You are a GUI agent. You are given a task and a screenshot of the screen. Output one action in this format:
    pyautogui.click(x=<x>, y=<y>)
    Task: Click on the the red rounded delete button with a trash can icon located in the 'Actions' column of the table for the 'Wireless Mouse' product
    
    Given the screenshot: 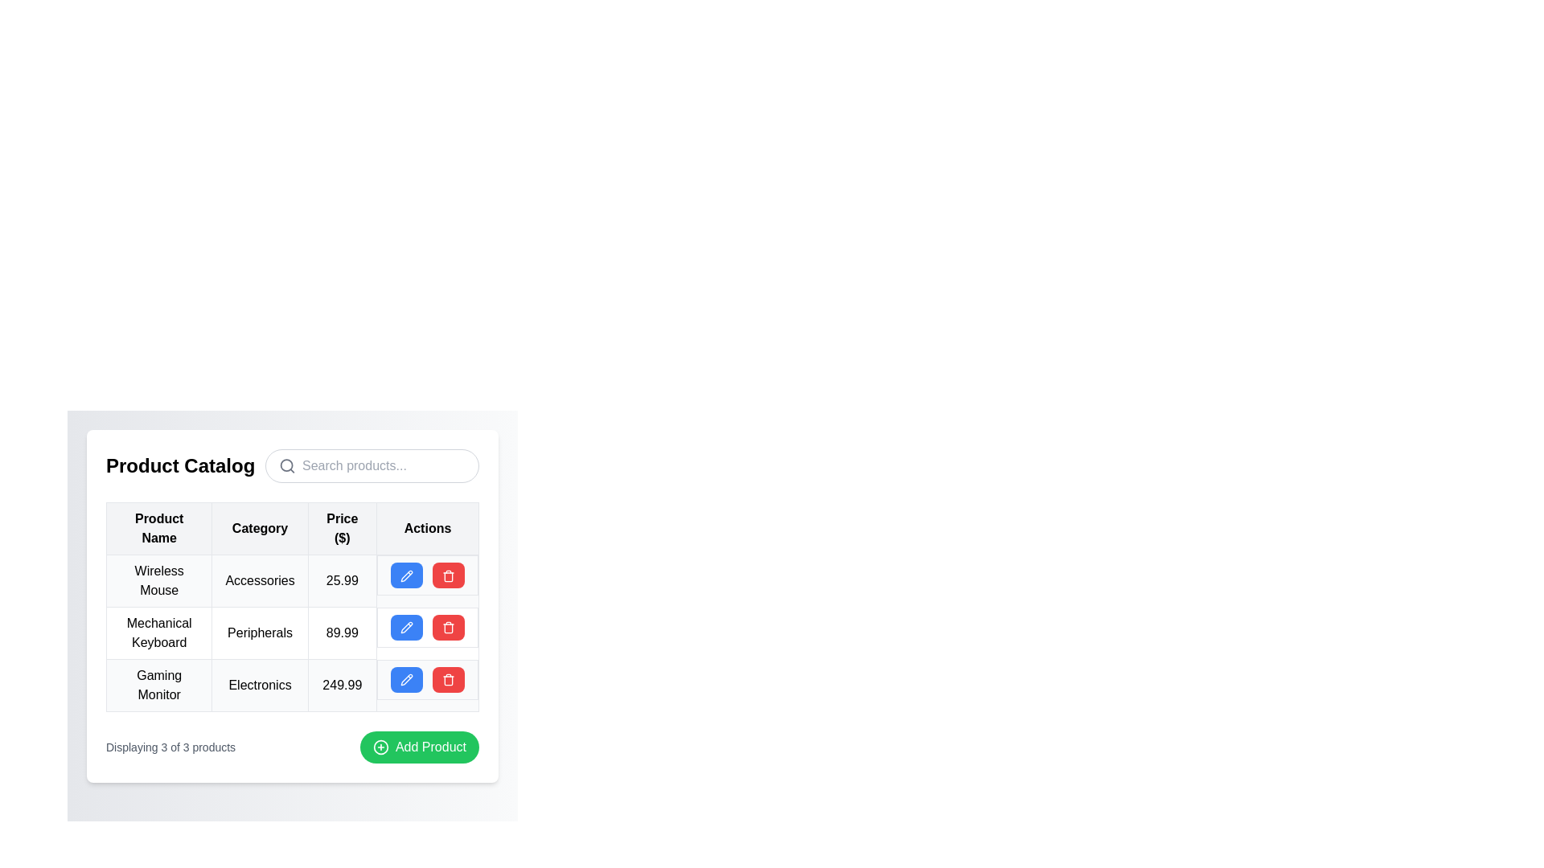 What is the action you would take?
    pyautogui.click(x=448, y=575)
    